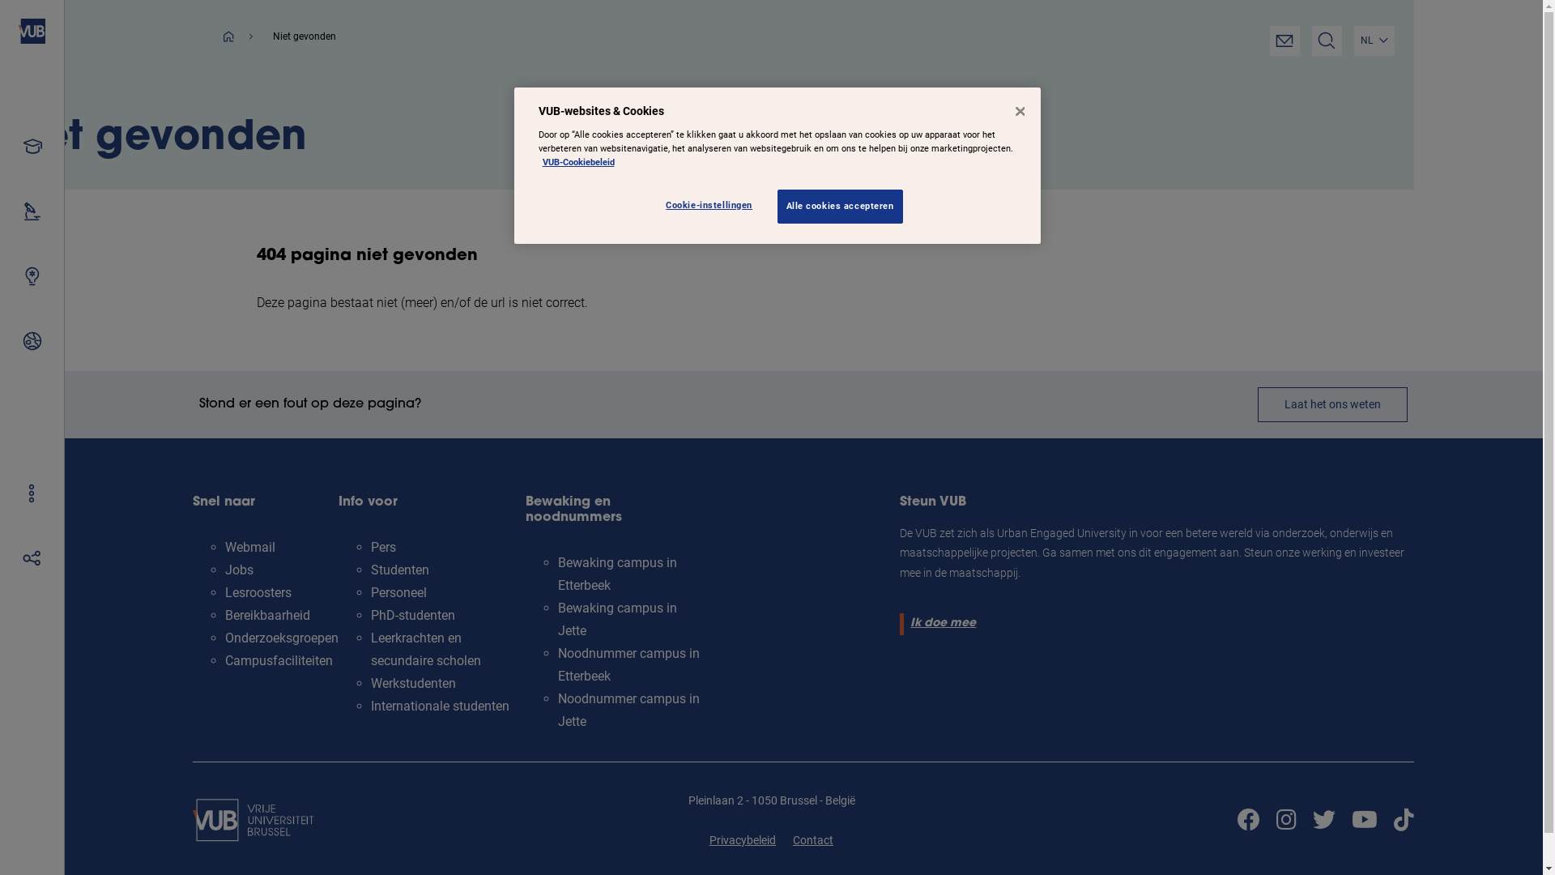  Describe the element at coordinates (1363, 820) in the screenshot. I see `'Open de youtube pagina van VUB'` at that location.